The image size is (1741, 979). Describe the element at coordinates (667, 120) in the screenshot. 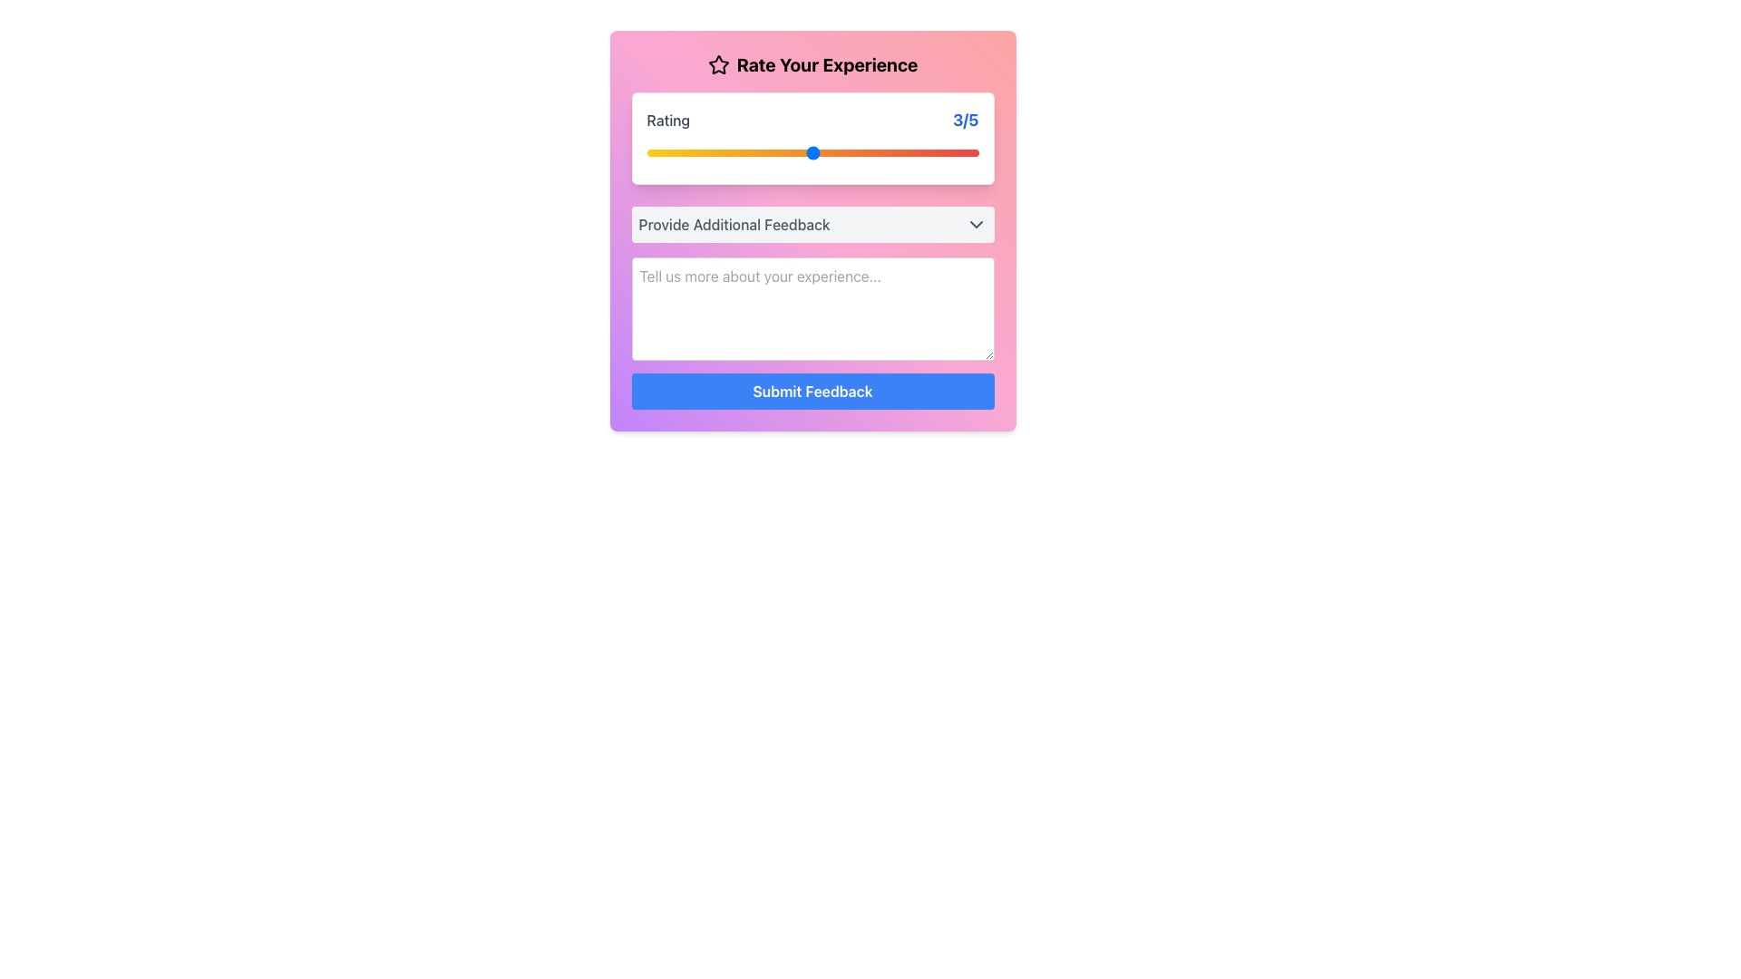

I see `the Text label that indicates the meaning of the slider and numerical value, located near the top of the interface, to the left of '3/5' and above the slider control` at that location.